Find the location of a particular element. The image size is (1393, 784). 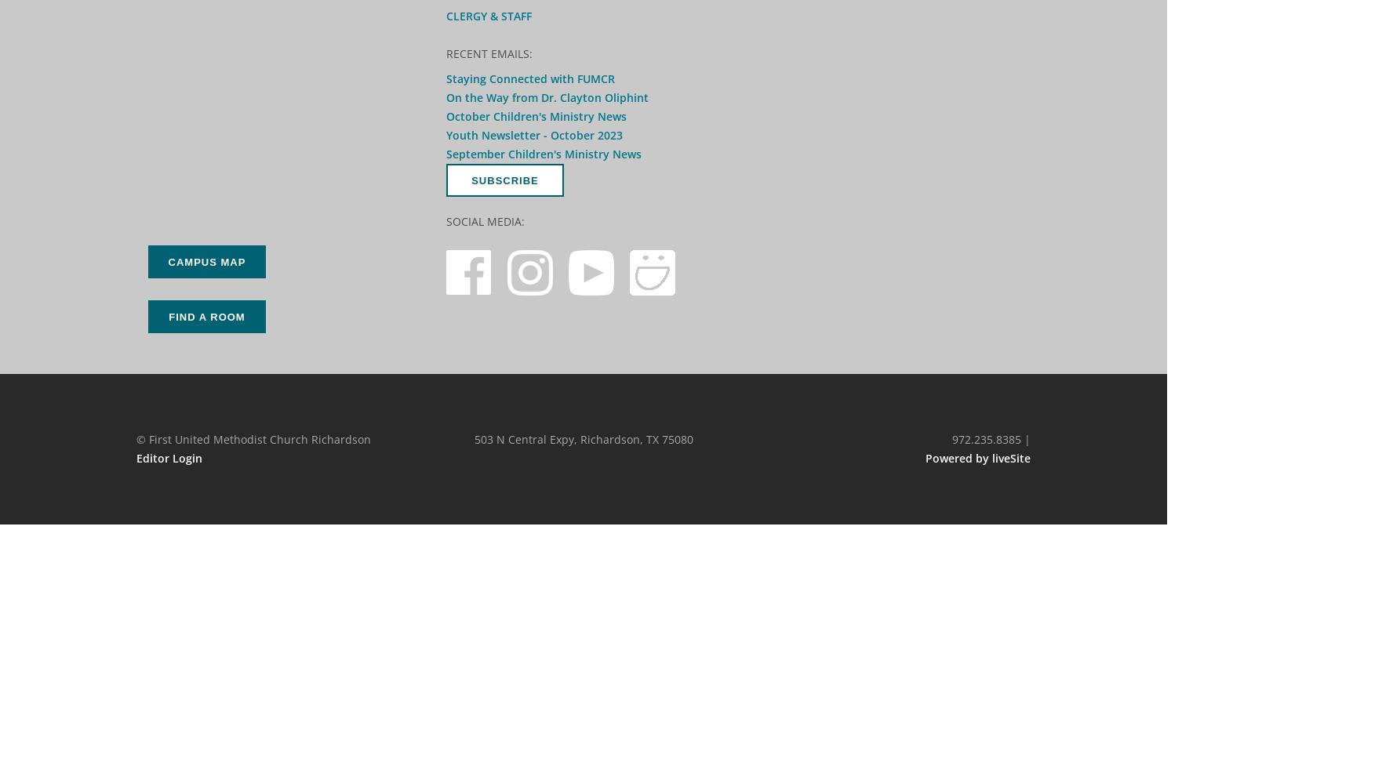

'Find a Room' is located at coordinates (206, 317).